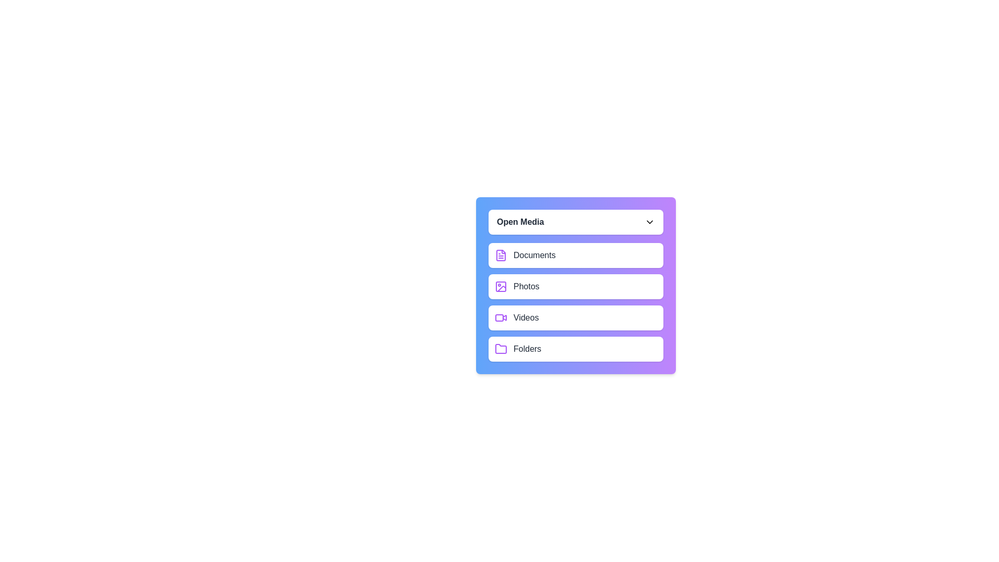 This screenshot has width=999, height=562. What do you see at coordinates (501, 255) in the screenshot?
I see `the purple document icon next to the 'Documents' label` at bounding box center [501, 255].